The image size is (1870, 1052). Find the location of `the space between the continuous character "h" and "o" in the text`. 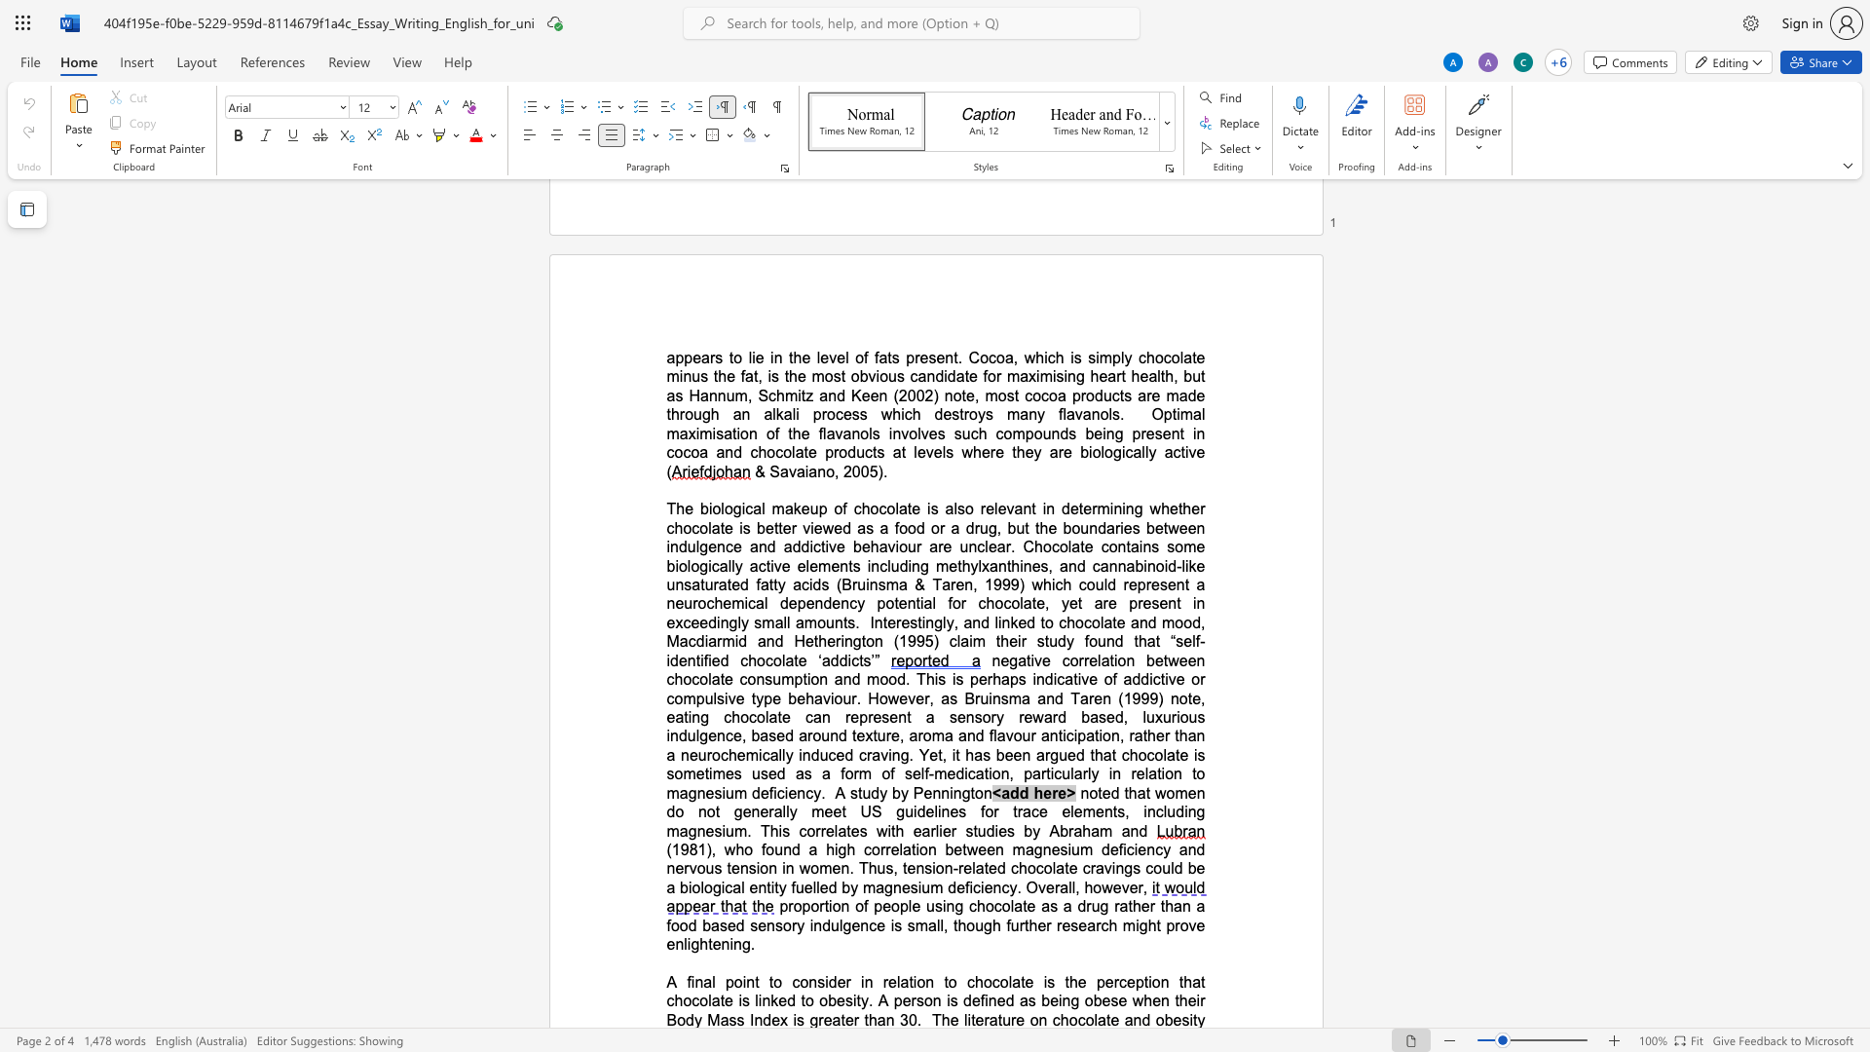

the space between the continuous character "h" and "o" in the text is located at coordinates (1074, 622).